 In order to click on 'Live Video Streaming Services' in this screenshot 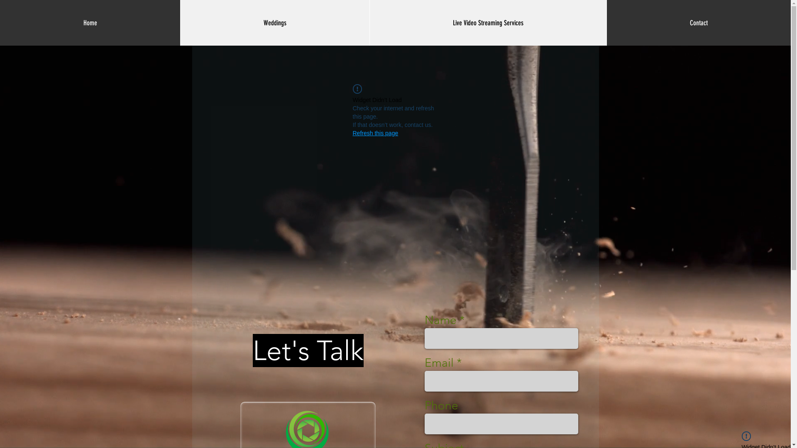, I will do `click(488, 22)`.